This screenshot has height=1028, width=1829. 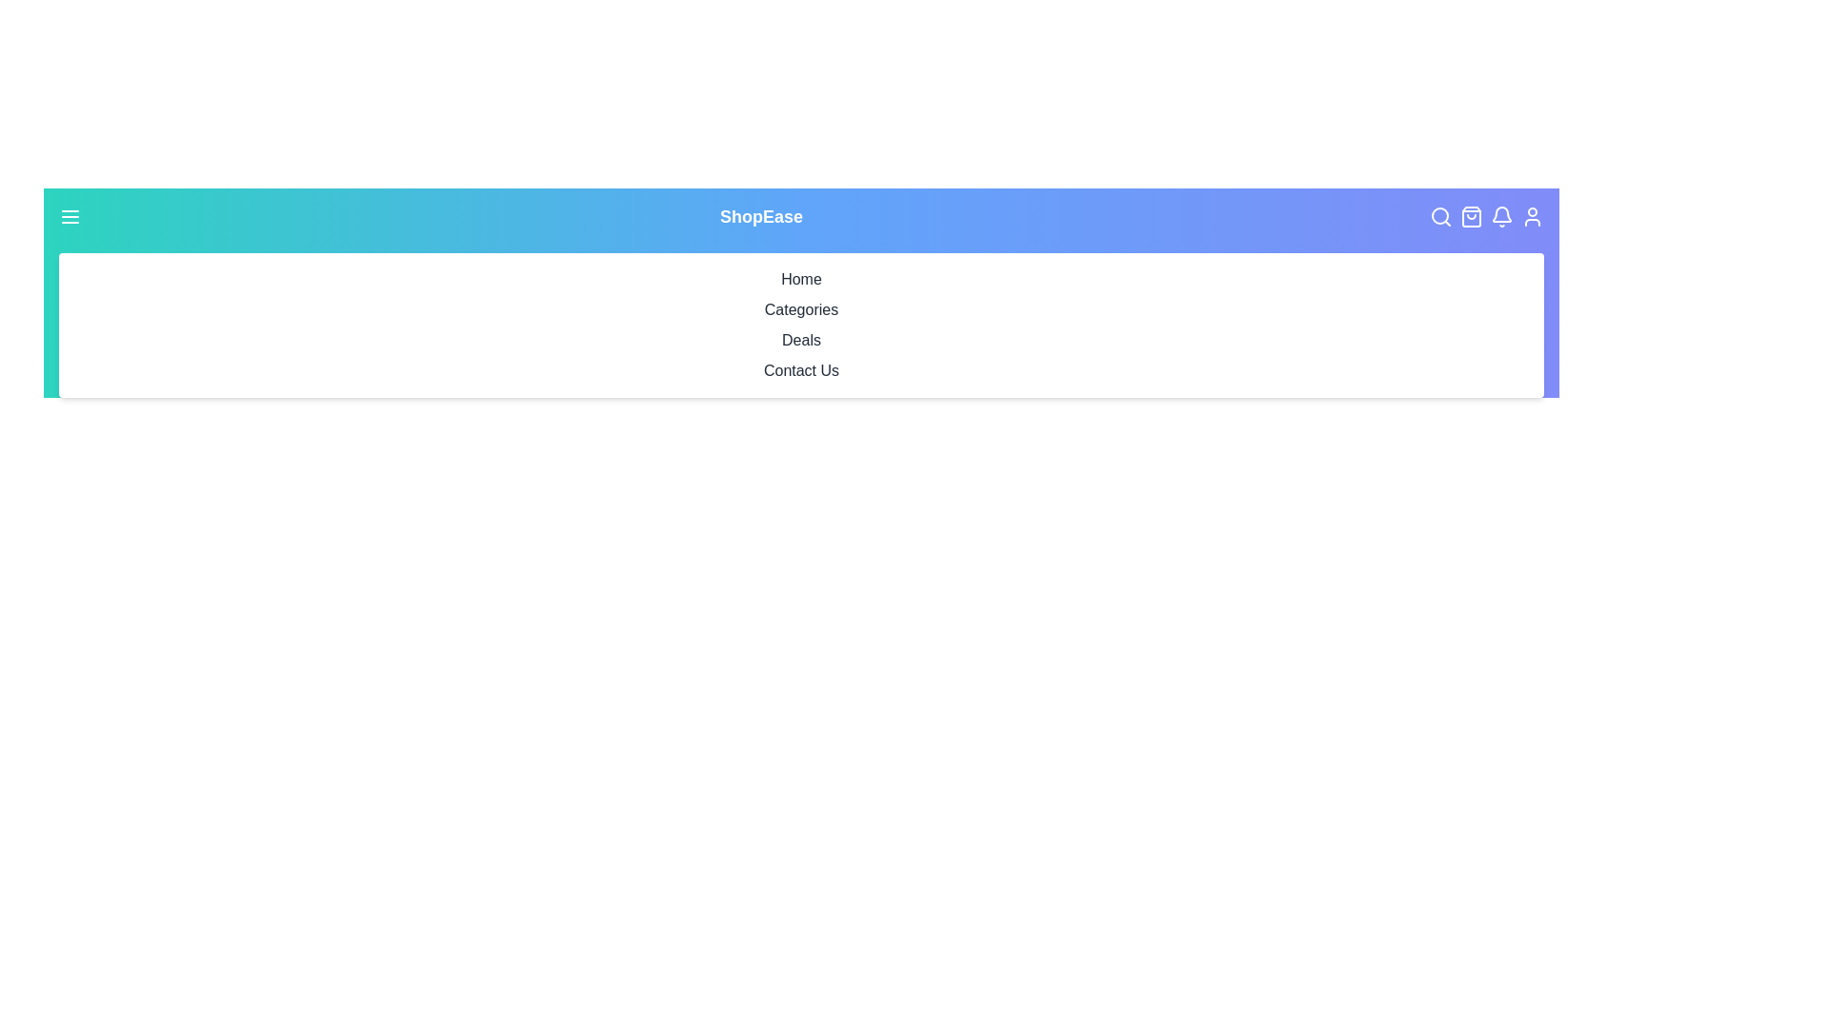 What do you see at coordinates (1532, 215) in the screenshot?
I see `the 'User' icon in the navigation bar` at bounding box center [1532, 215].